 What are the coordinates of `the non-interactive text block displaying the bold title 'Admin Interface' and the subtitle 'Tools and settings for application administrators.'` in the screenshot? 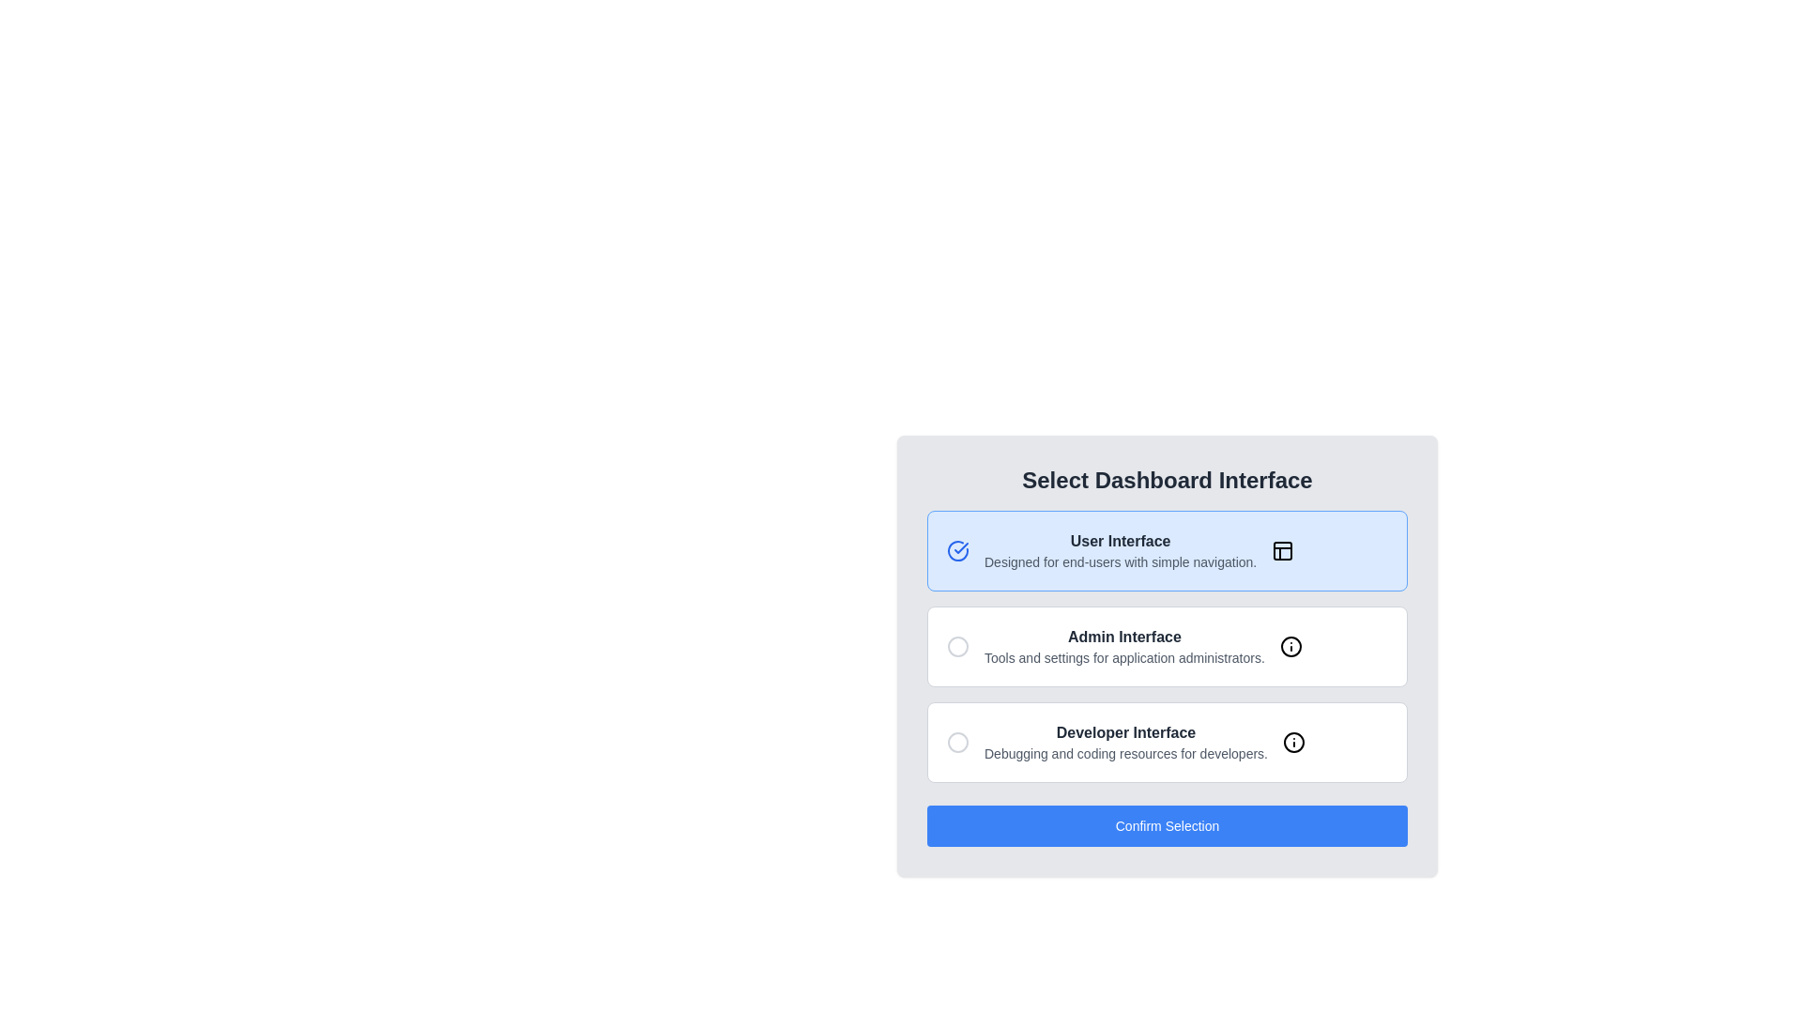 It's located at (1124, 646).